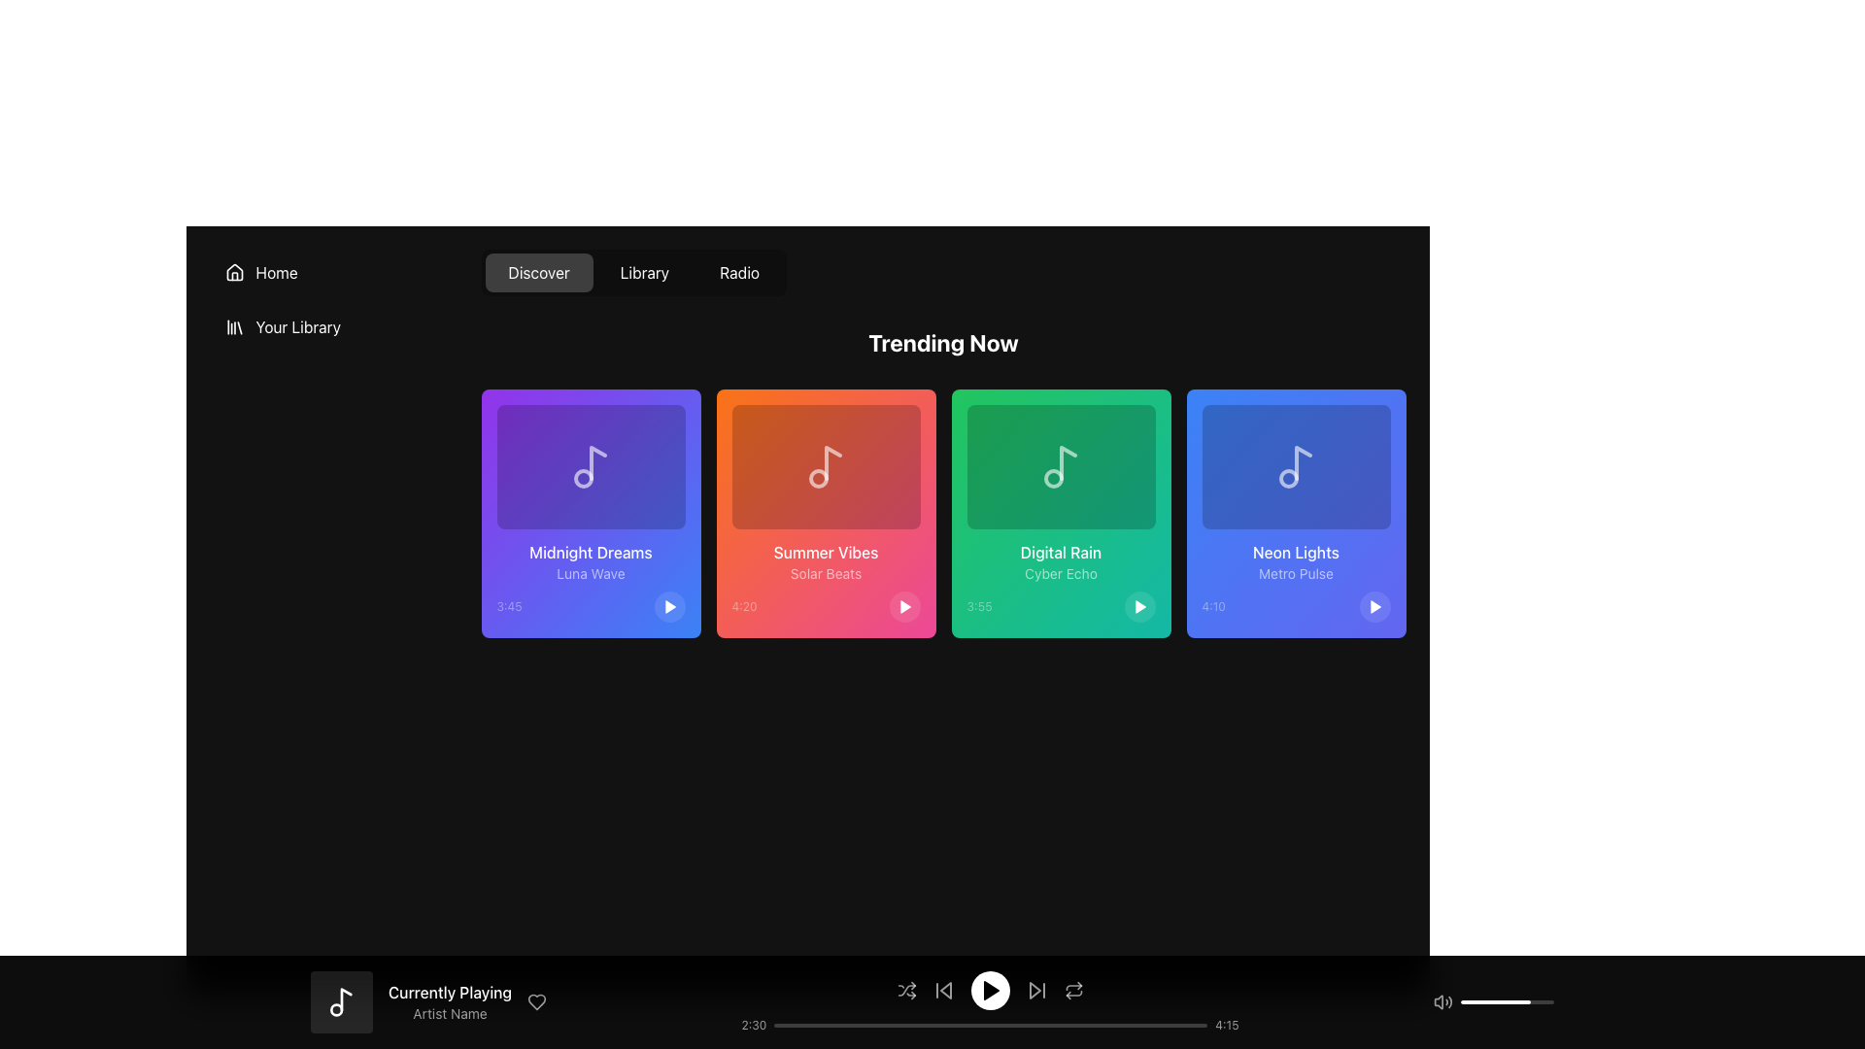 This screenshot has height=1049, width=1865. I want to click on the musical note element, which is centered within a purple gradient block titled 'Midnight Dreams' in the 'Trending Now' section, so click(590, 467).